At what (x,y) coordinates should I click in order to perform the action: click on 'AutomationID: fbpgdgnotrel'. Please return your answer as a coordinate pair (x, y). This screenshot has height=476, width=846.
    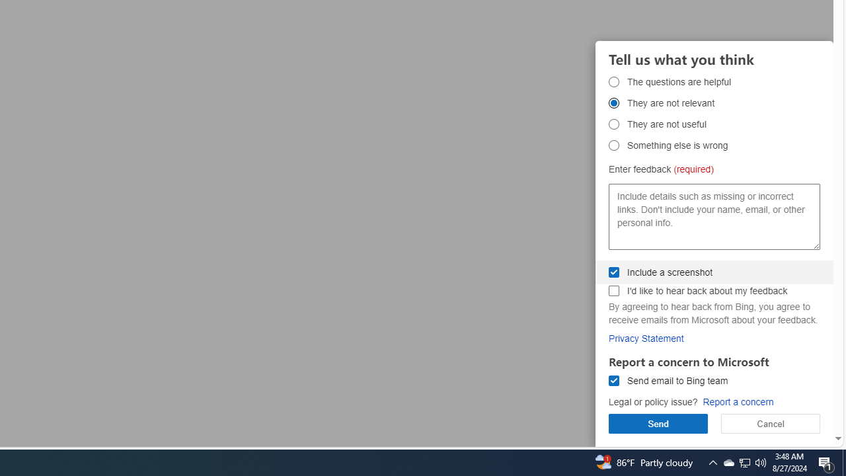
    Looking at the image, I should click on (613, 102).